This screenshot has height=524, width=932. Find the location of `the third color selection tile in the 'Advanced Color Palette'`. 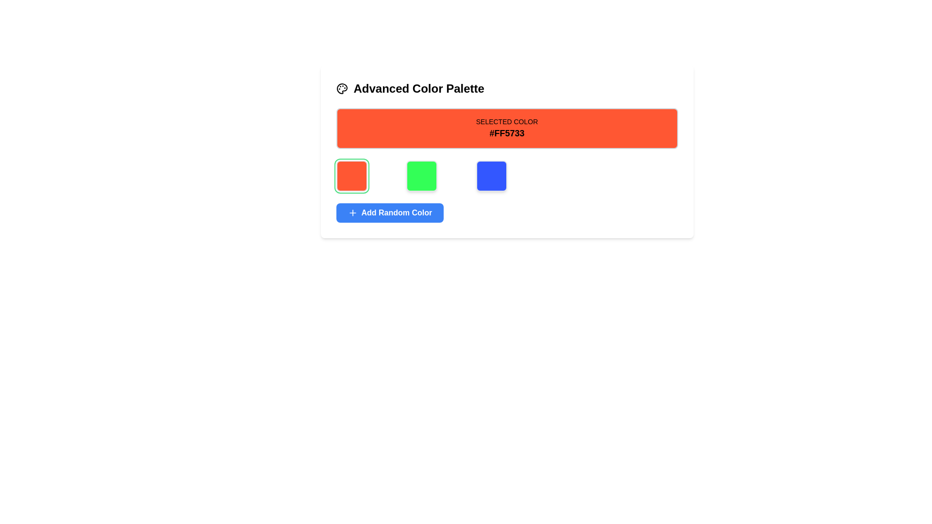

the third color selection tile in the 'Advanced Color Palette' is located at coordinates (506, 176).